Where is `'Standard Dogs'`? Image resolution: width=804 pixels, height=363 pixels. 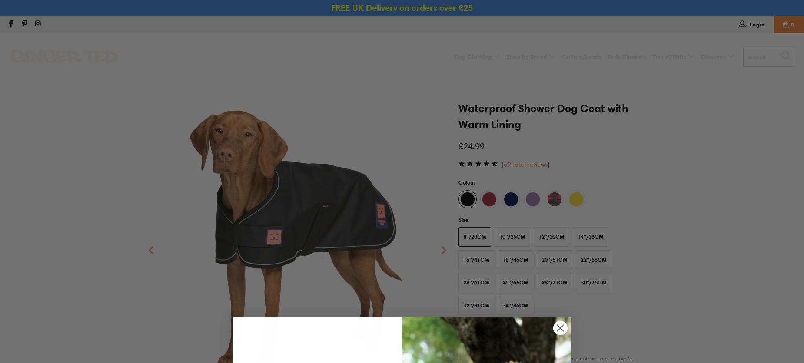 'Standard Dogs' is located at coordinates (535, 76).